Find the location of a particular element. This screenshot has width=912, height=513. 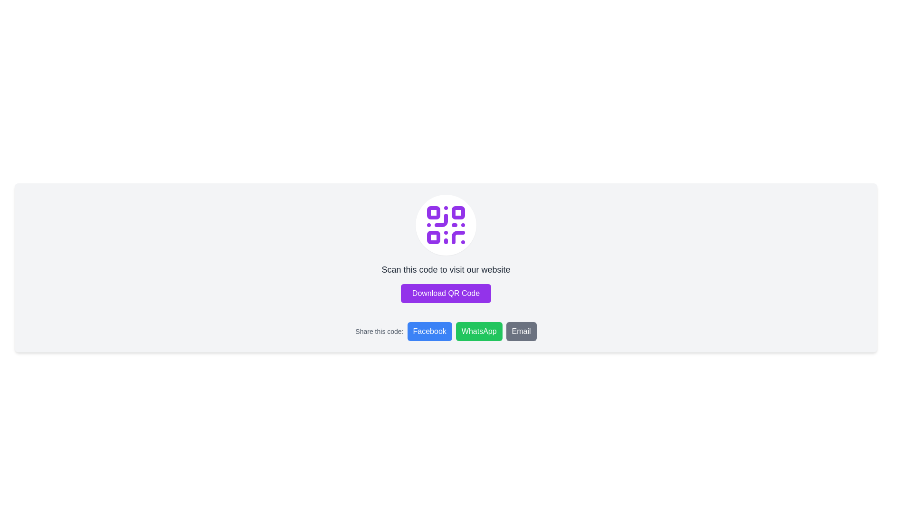

the top-left purple square box of the QR code visual representation is located at coordinates (433, 212).